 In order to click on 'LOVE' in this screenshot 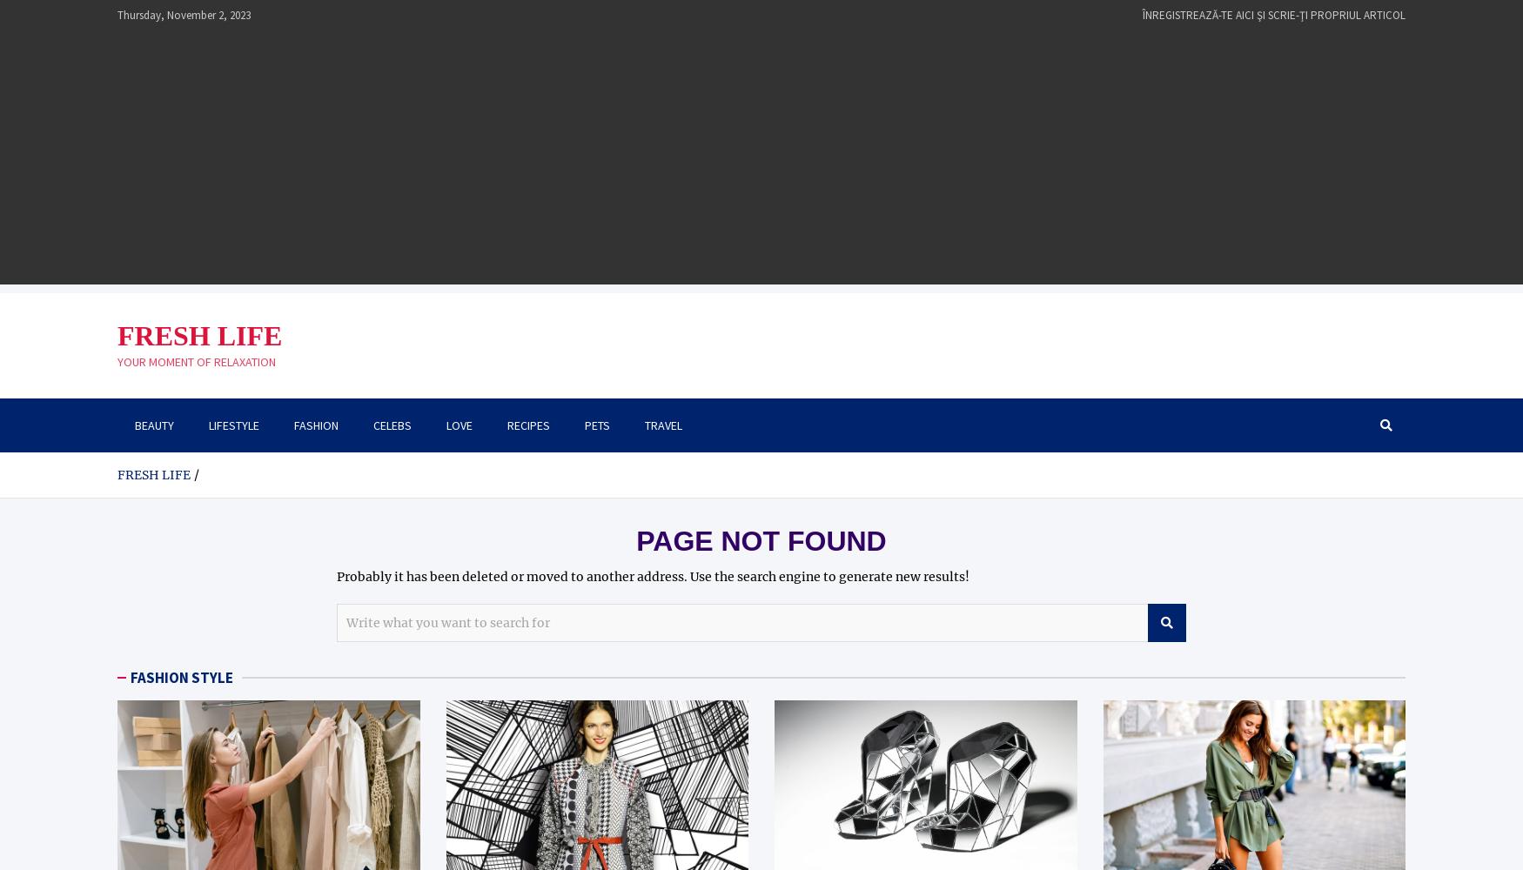, I will do `click(445, 424)`.